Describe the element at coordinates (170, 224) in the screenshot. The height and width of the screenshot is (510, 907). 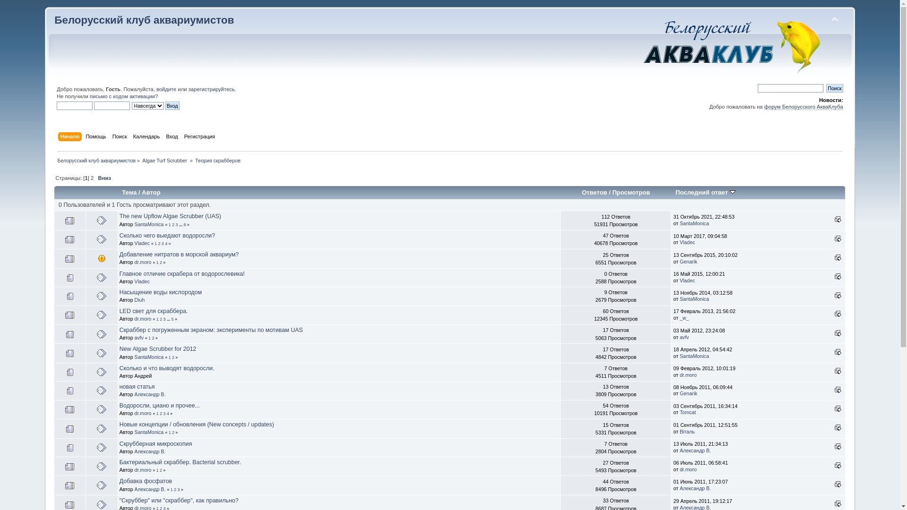
I see `'1'` at that location.